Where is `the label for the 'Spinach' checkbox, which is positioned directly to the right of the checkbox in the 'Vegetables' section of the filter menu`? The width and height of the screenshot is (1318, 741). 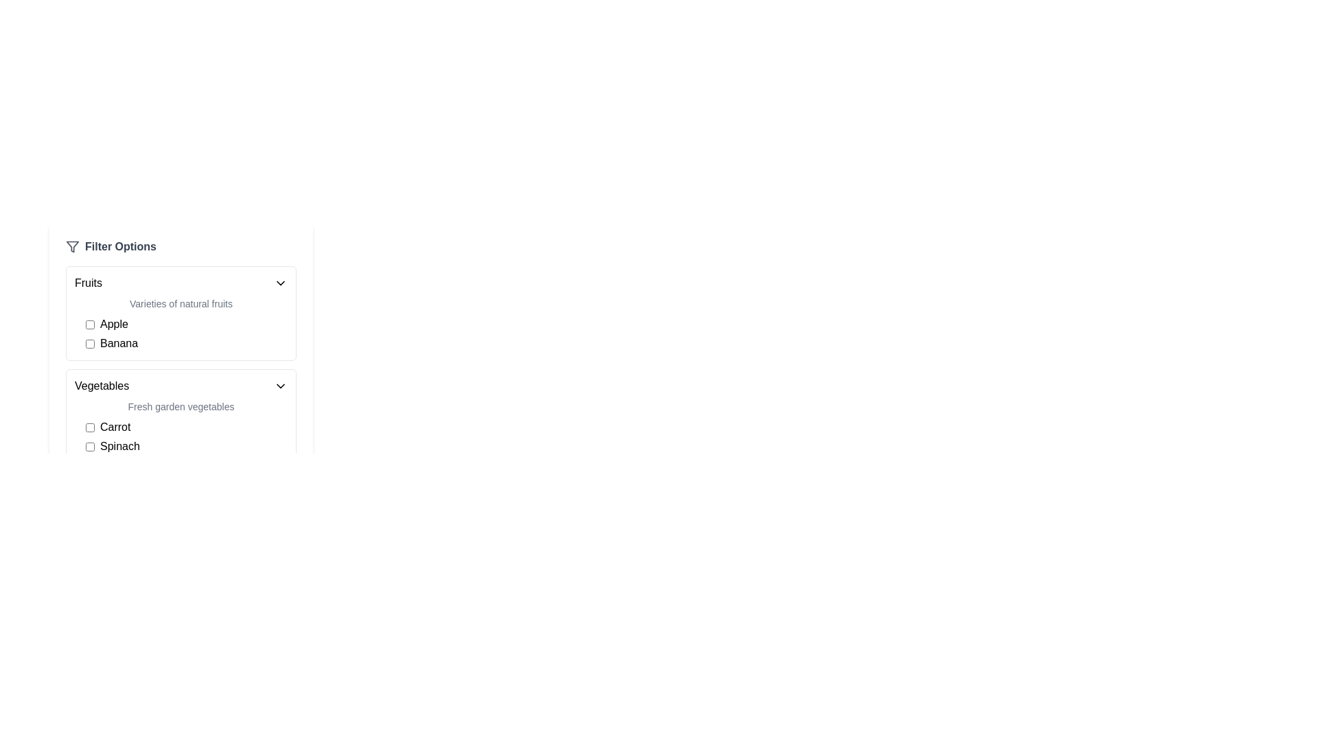
the label for the 'Spinach' checkbox, which is positioned directly to the right of the checkbox in the 'Vegetables' section of the filter menu is located at coordinates (119, 447).